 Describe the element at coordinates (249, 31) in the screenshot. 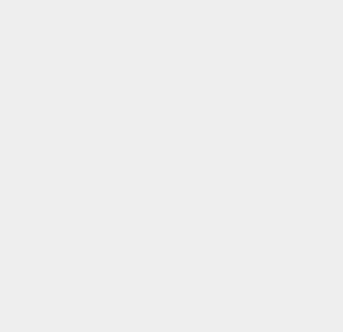

I see `'iOS 11'` at that location.